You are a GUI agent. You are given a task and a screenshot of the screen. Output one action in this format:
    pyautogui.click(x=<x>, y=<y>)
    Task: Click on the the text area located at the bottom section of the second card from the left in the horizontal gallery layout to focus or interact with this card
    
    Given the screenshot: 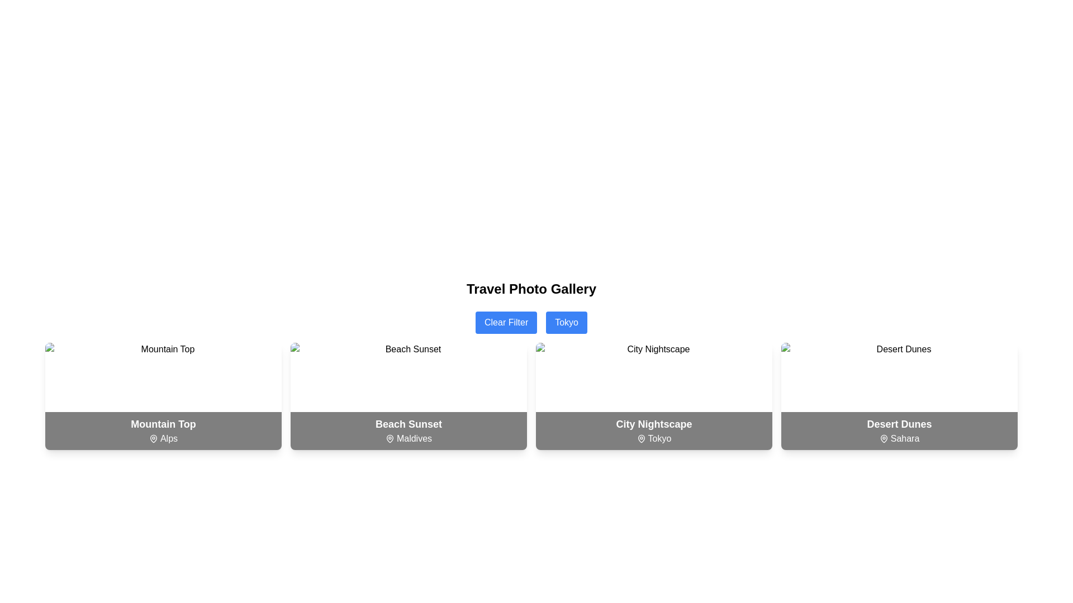 What is the action you would take?
    pyautogui.click(x=408, y=430)
    